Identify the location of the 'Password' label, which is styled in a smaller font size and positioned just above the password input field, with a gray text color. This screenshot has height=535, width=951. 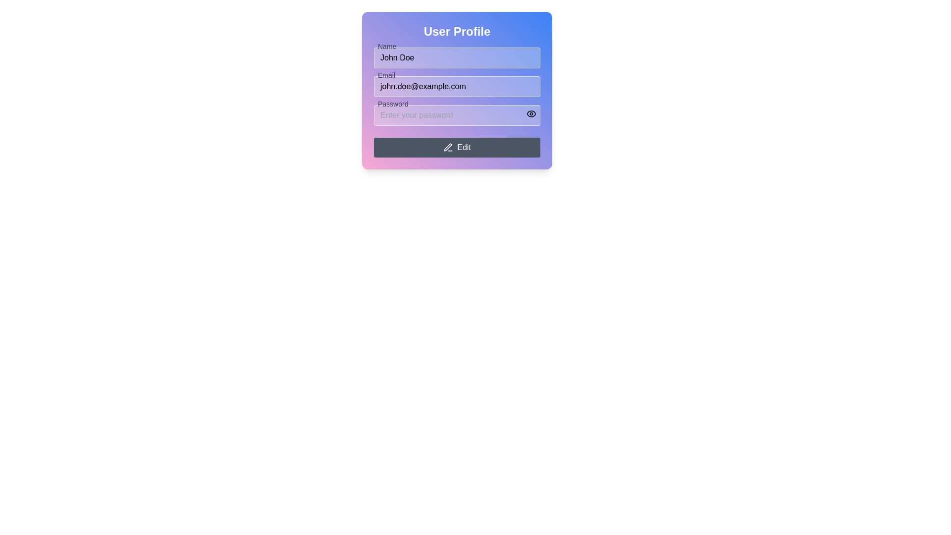
(392, 104).